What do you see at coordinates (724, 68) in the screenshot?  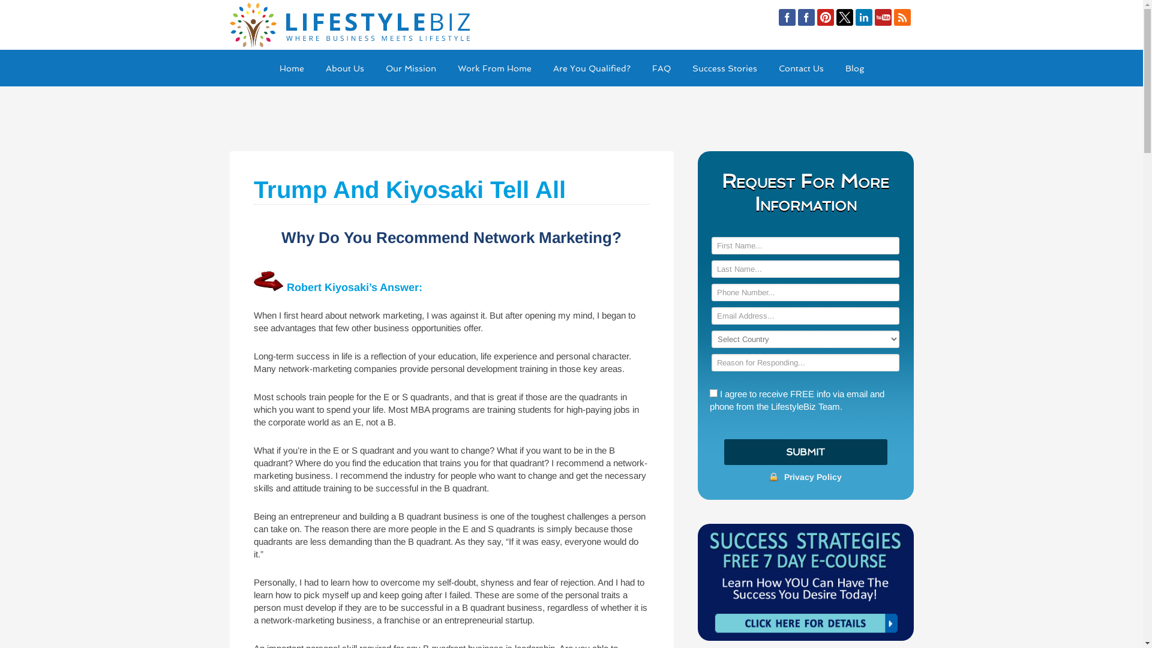 I see `'Success Stories'` at bounding box center [724, 68].